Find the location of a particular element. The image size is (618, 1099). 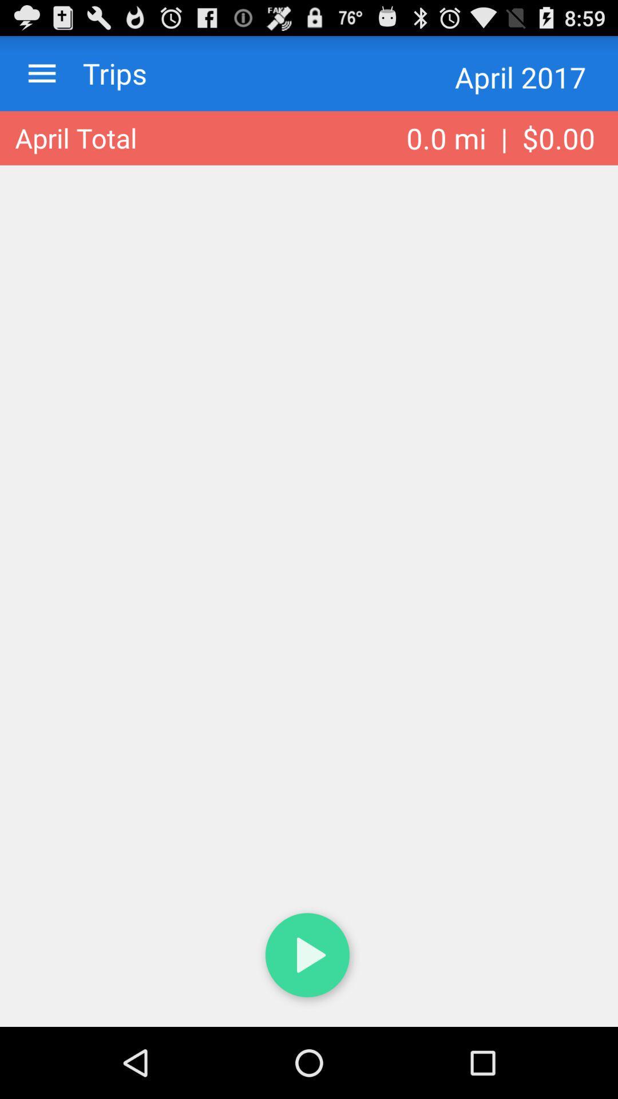

switch to play button is located at coordinates (309, 958).